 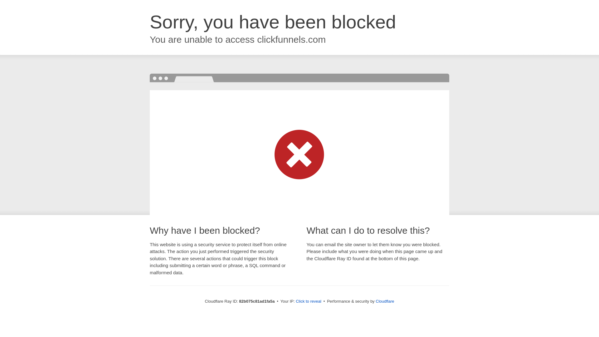 I want to click on 'Click to reveal', so click(x=295, y=301).